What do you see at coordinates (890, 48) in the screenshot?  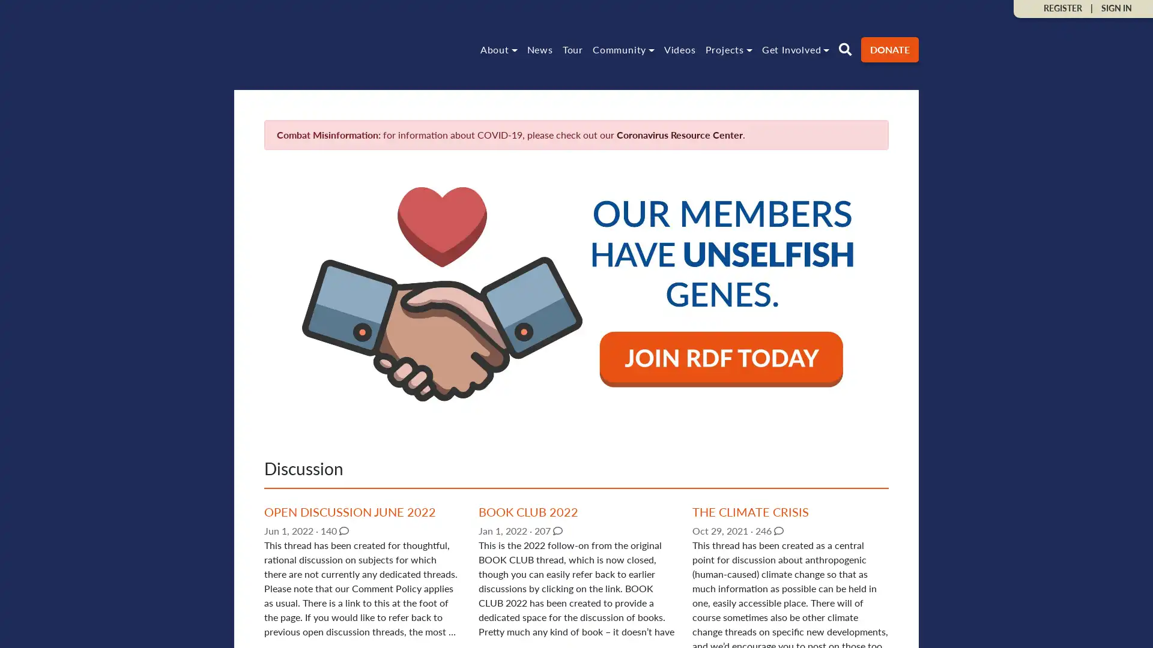 I see `DONATE` at bounding box center [890, 48].